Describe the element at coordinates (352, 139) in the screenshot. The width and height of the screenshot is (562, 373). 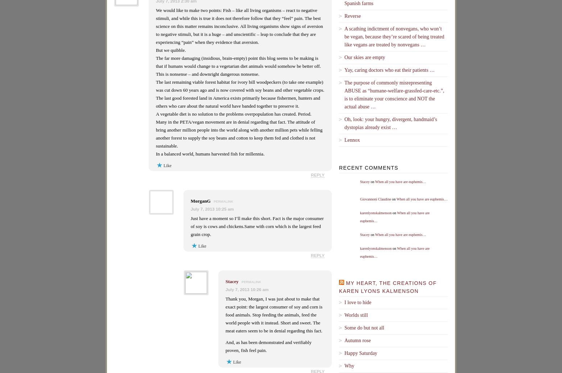
I see `'Lennox'` at that location.